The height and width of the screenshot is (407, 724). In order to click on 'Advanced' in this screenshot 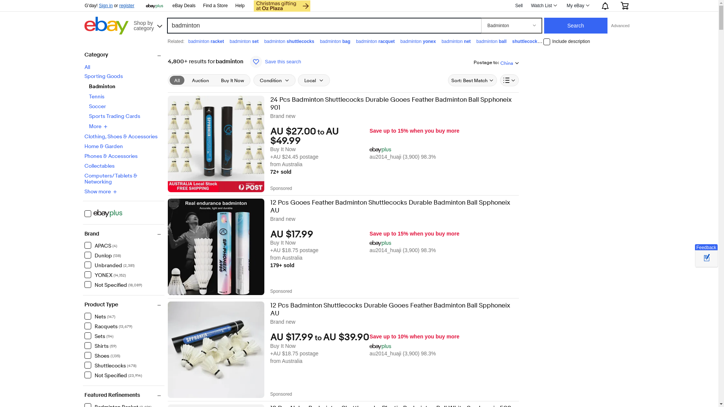, I will do `click(620, 25)`.